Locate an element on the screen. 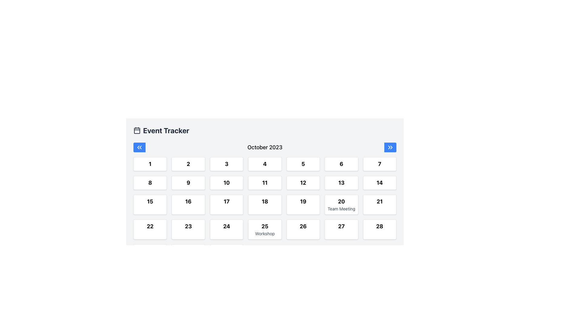 The height and width of the screenshot is (327, 581). the rectangular text box containing the bold black number '7', which is styled with rounded corners and a shadow effect, located in the topmost row of a grid layout is located at coordinates (379, 164).